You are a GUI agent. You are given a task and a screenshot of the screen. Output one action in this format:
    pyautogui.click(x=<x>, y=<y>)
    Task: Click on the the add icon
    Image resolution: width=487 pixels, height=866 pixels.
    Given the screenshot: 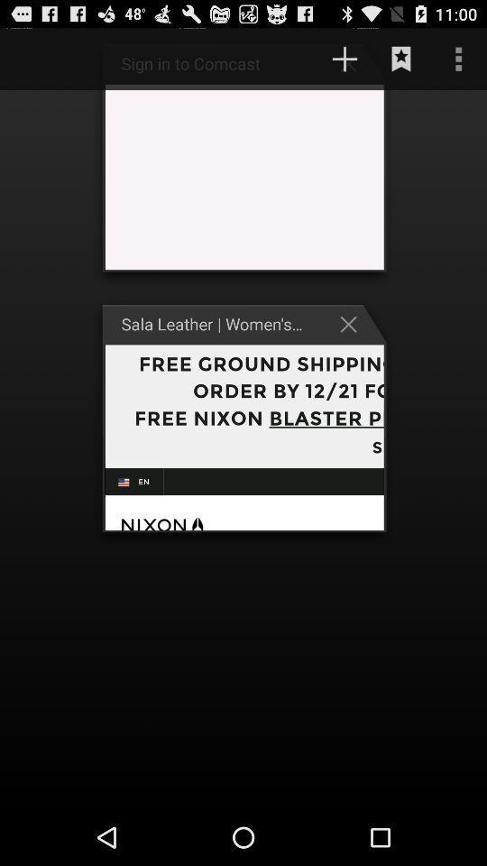 What is the action you would take?
    pyautogui.click(x=353, y=68)
    